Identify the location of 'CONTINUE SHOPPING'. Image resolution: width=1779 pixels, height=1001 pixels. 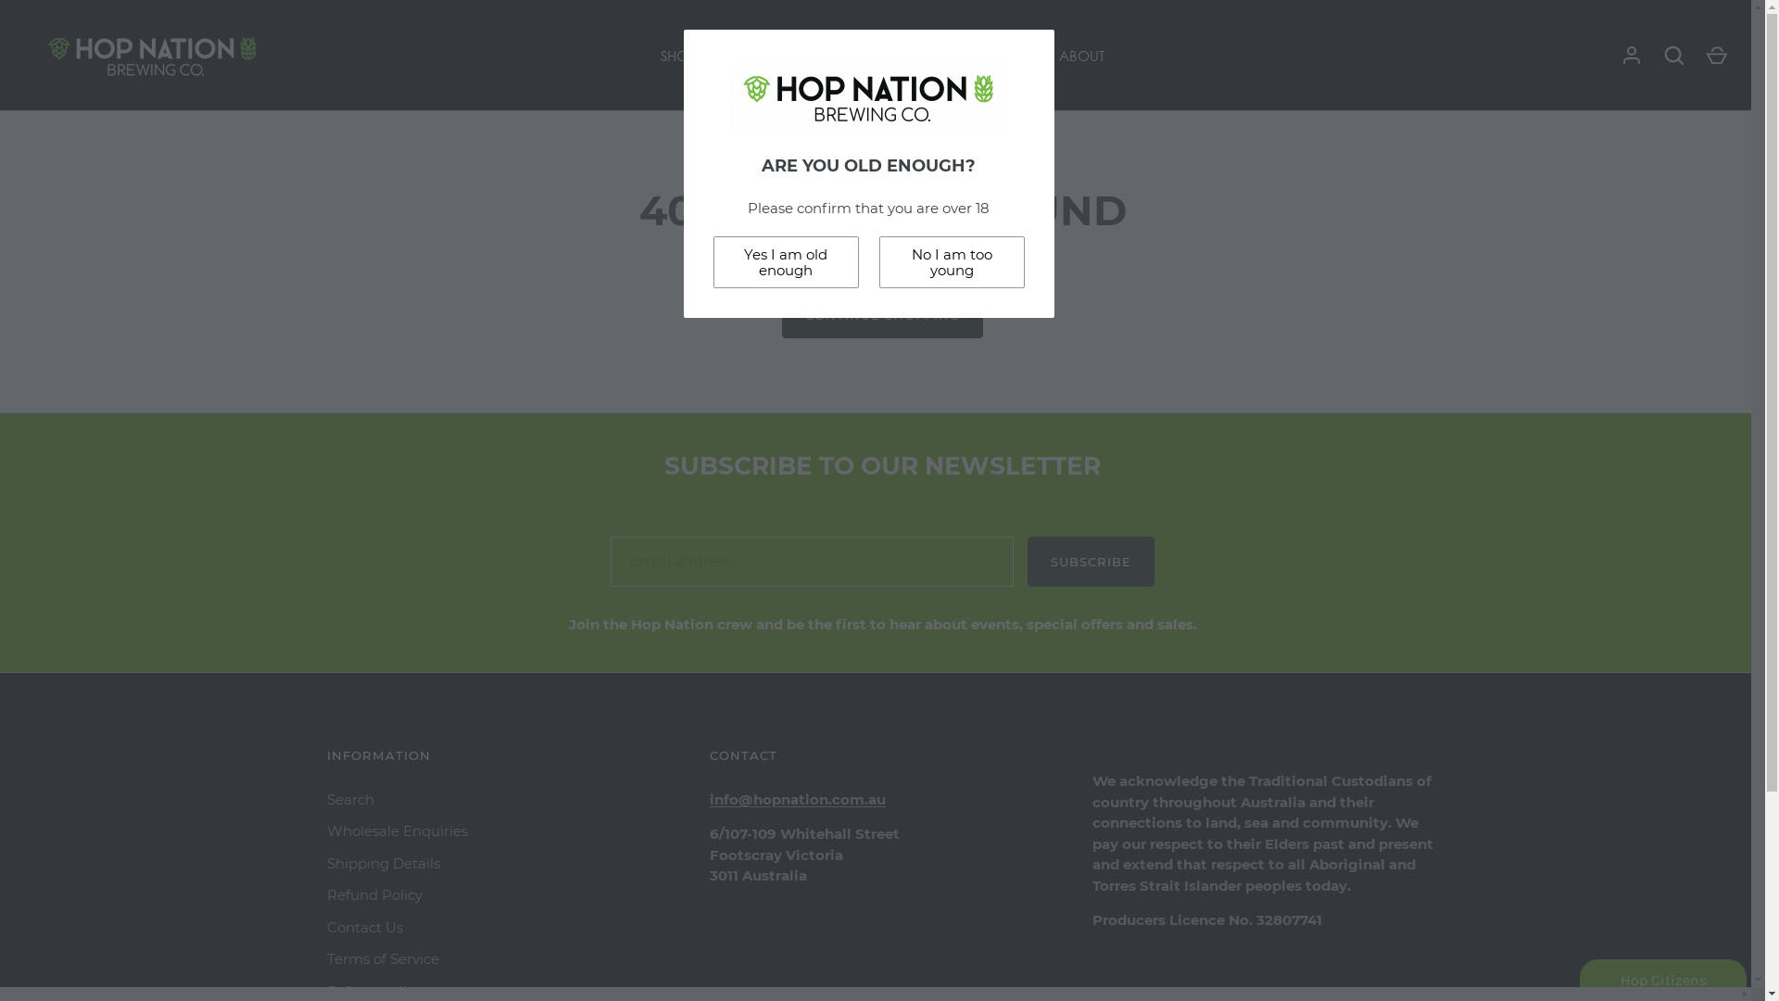
(782, 313).